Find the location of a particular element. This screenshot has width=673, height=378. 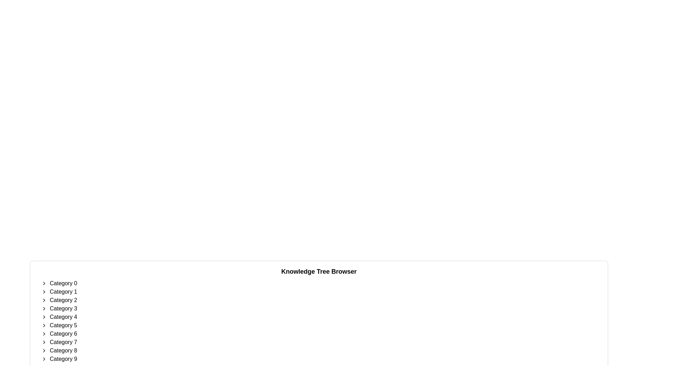

the chevron icon that indicates expansion for the 'Category 1' section, located to the left of the text 'Category 1' is located at coordinates (43, 292).